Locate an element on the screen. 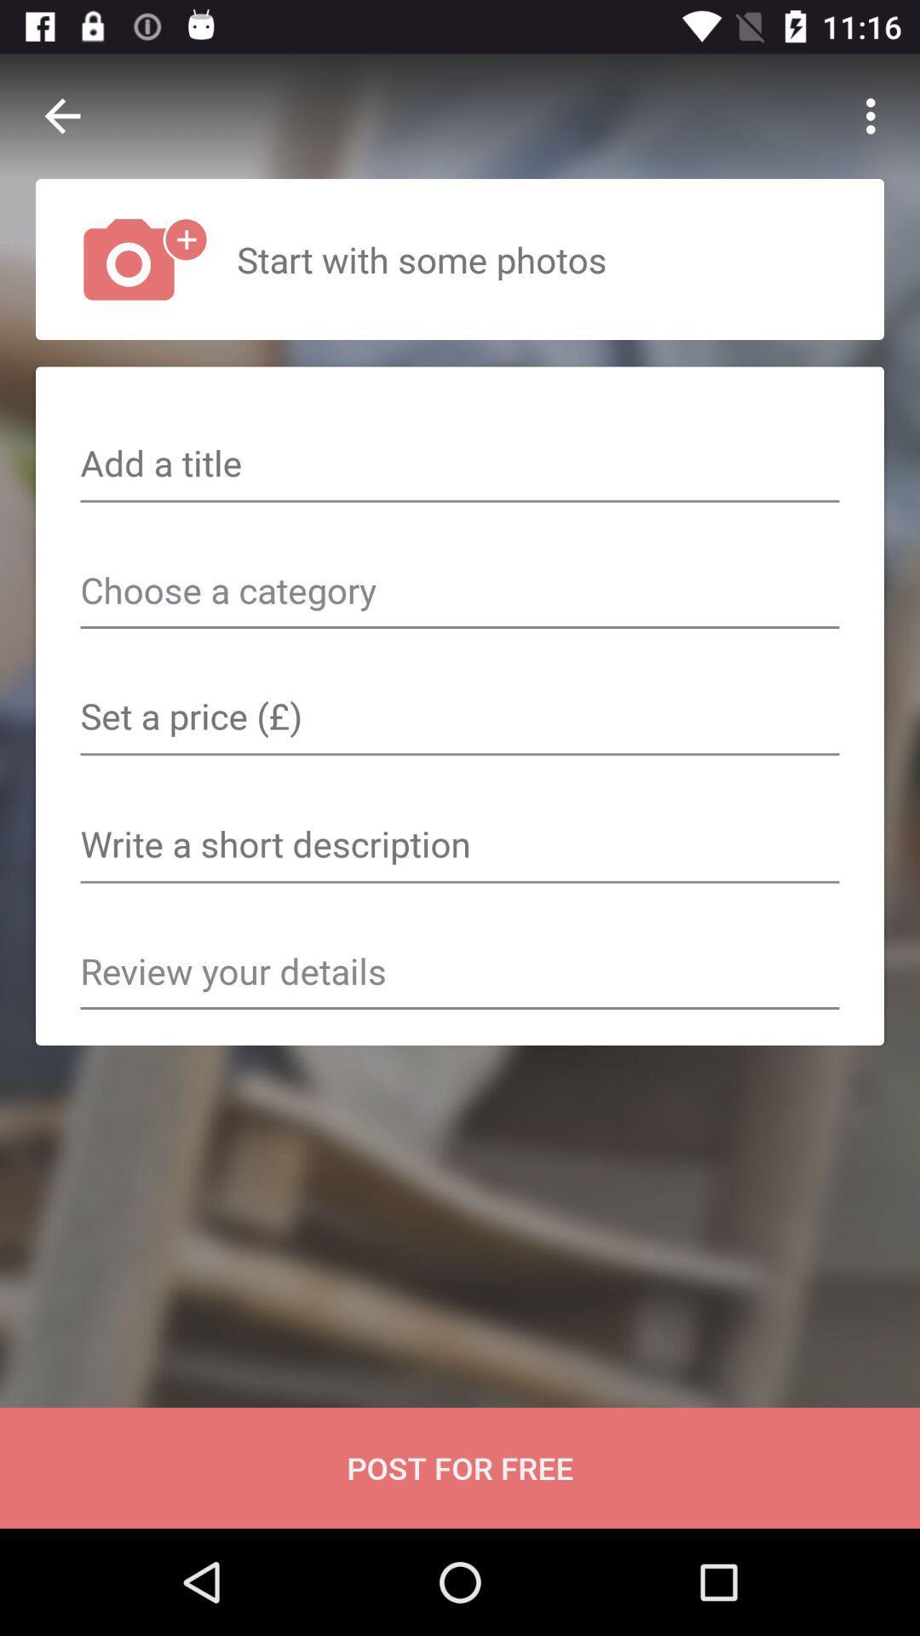 This screenshot has width=920, height=1636. it is camera settings is located at coordinates (460, 718).